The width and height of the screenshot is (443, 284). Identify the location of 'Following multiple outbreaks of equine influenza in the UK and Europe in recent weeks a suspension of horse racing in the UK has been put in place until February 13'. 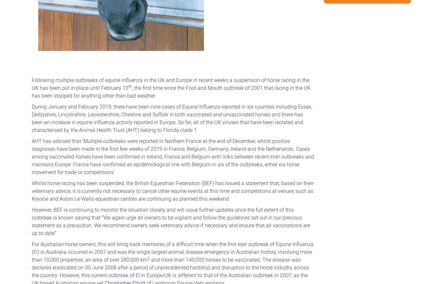
(31, 83).